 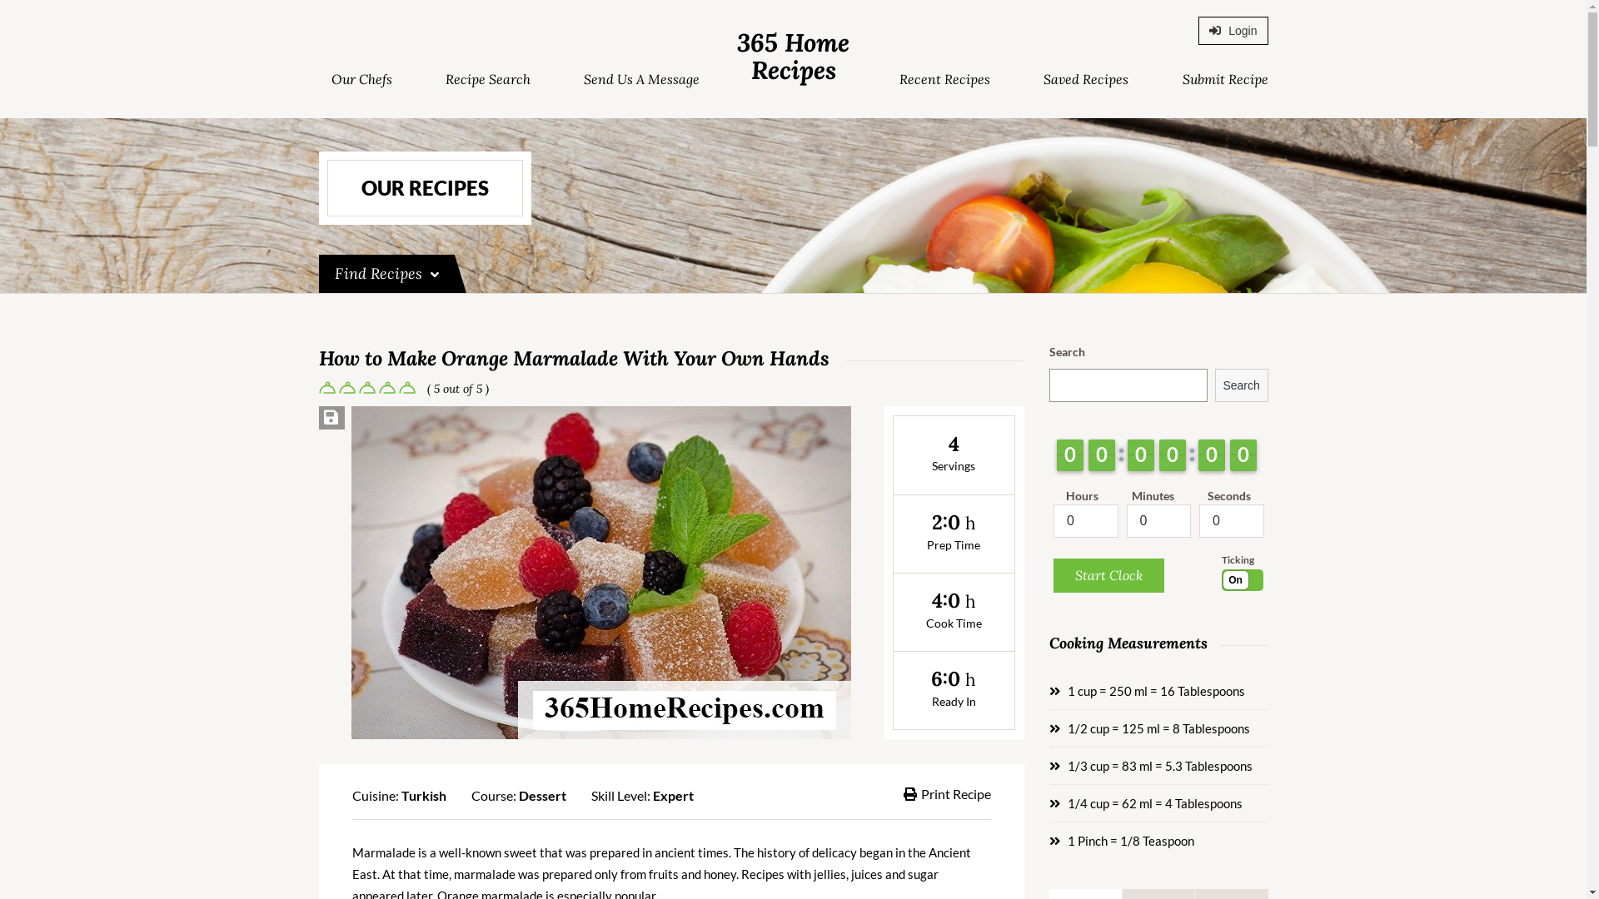 What do you see at coordinates (1225, 80) in the screenshot?
I see `'Submit Recipe'` at bounding box center [1225, 80].